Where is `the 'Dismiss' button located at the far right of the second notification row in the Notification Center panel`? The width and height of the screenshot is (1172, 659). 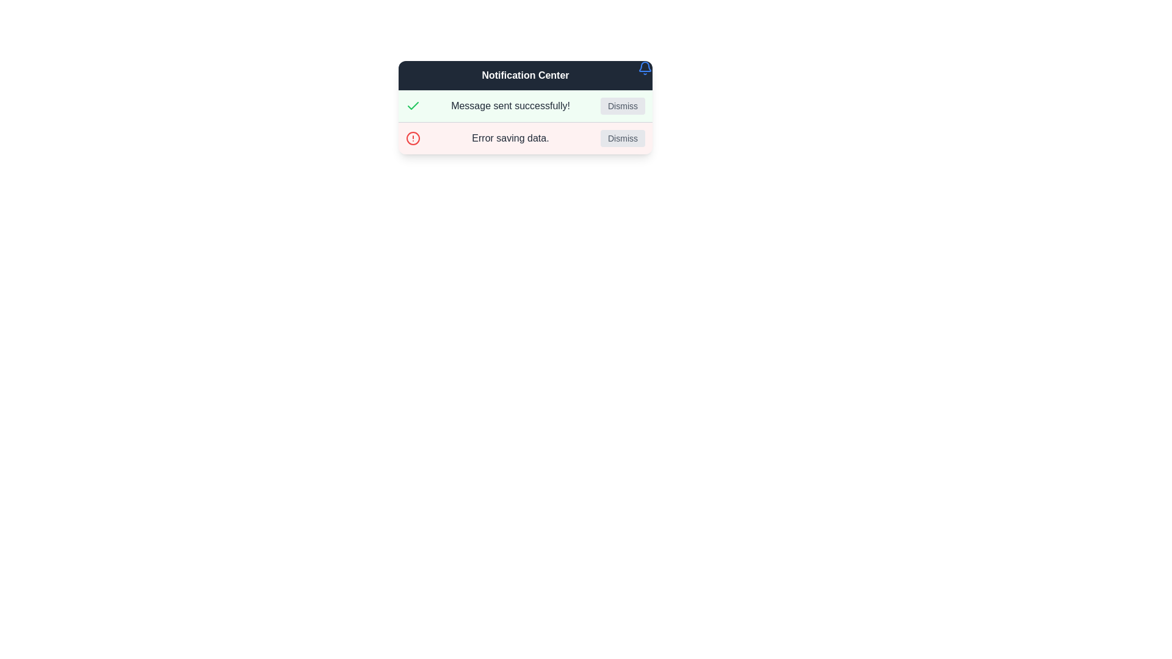 the 'Dismiss' button located at the far right of the second notification row in the Notification Center panel is located at coordinates (623, 138).